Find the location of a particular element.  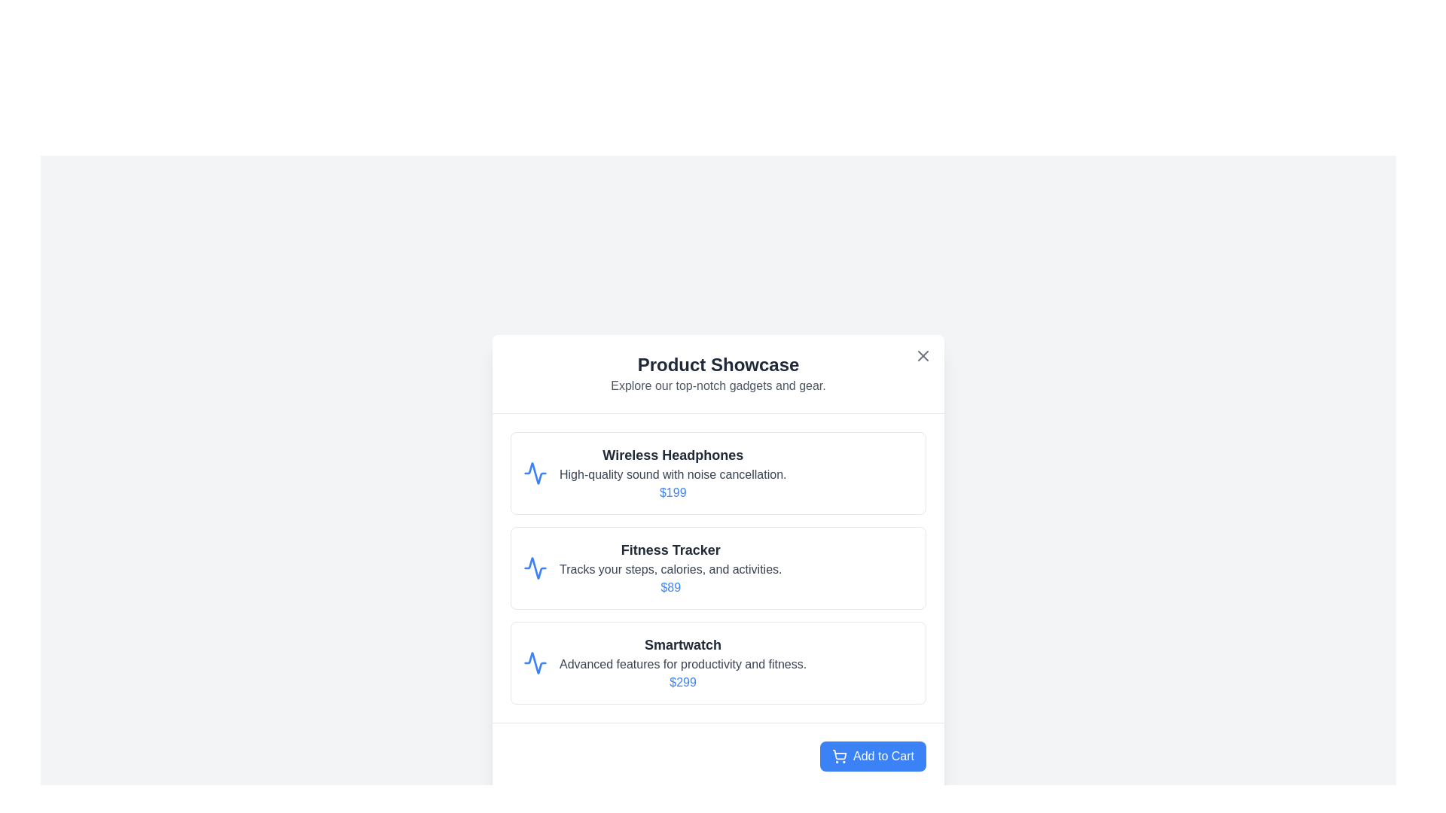

the shopping cart icon within the blue 'Add to Cart' button located in the bottom right corner of the dialog box is located at coordinates (839, 754).